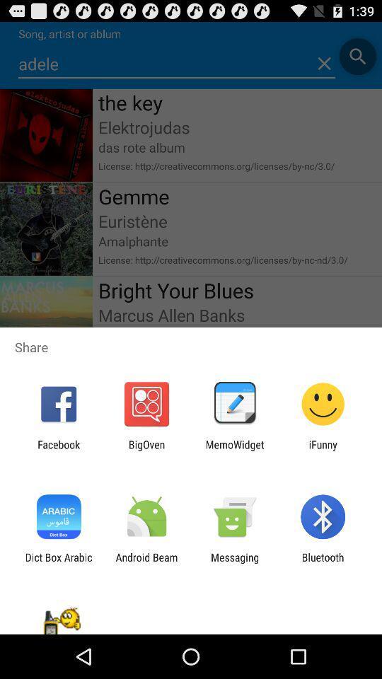 The width and height of the screenshot is (382, 679). I want to click on app next to messaging app, so click(323, 563).